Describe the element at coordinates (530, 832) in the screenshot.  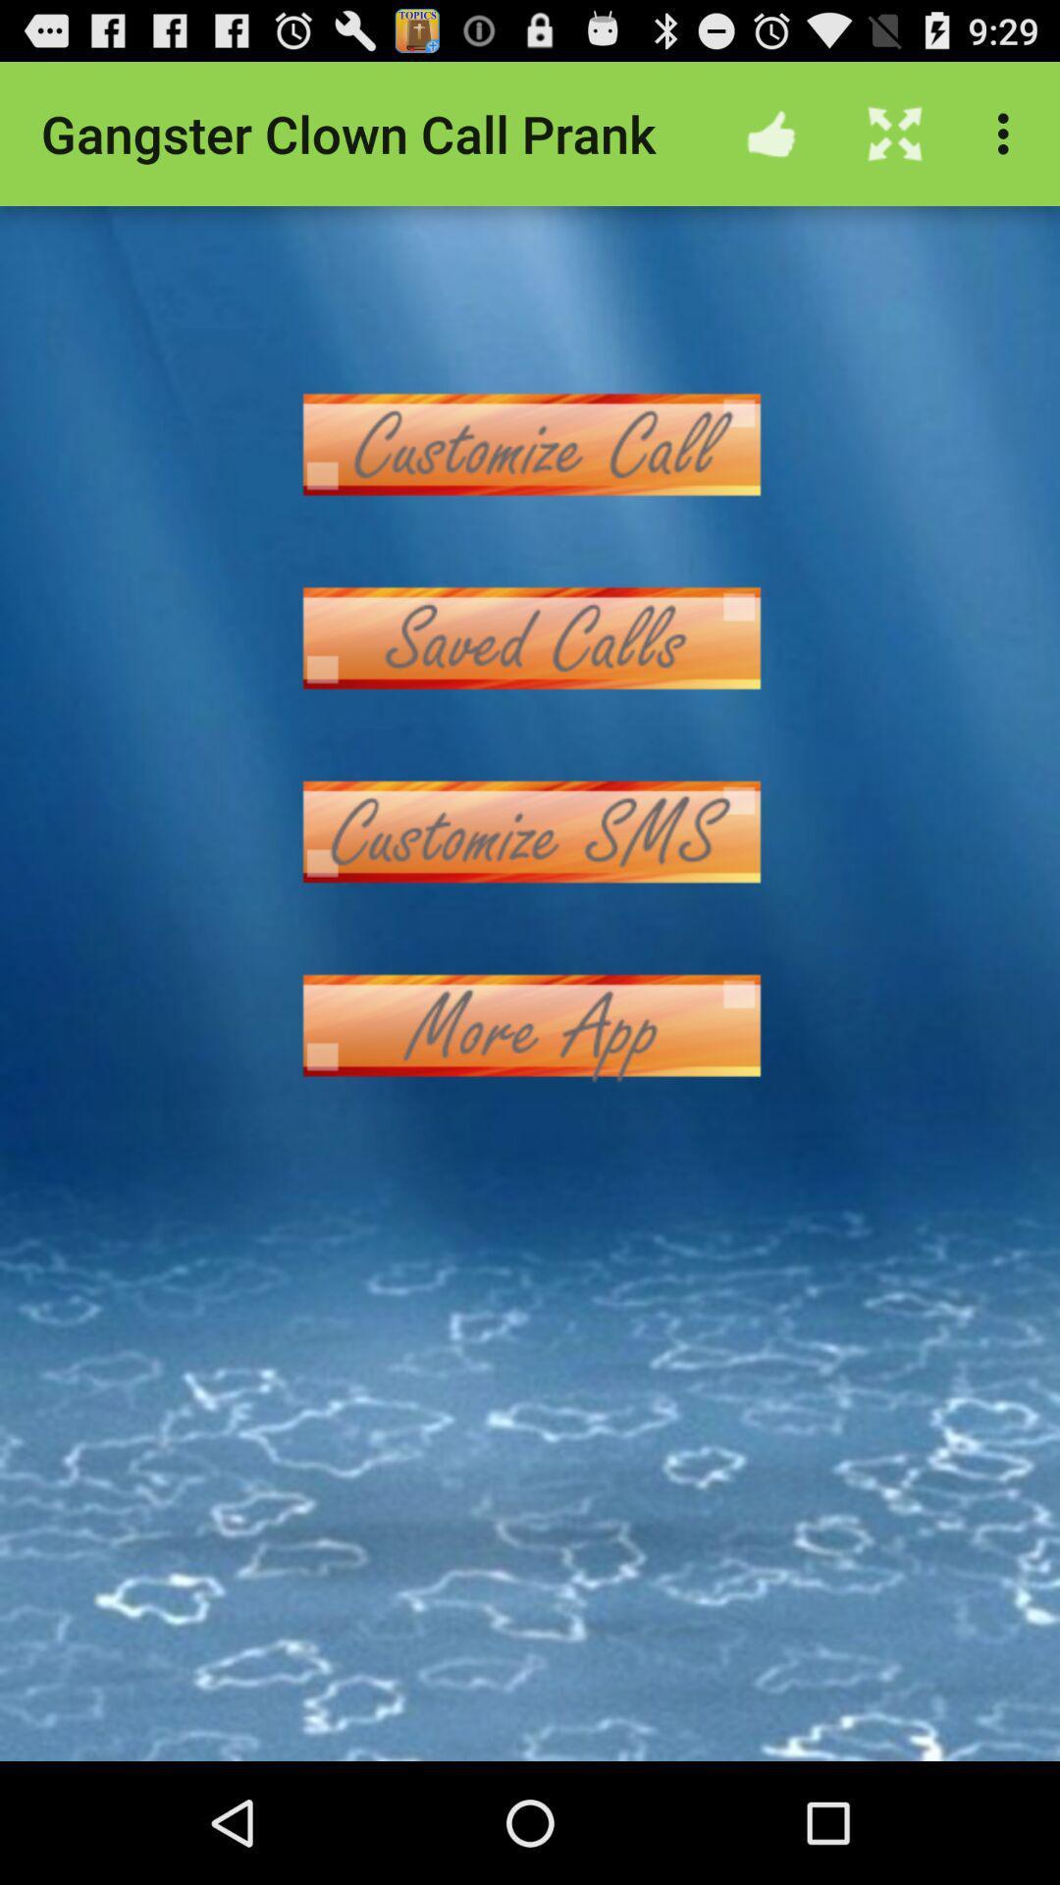
I see `customize sms button` at that location.